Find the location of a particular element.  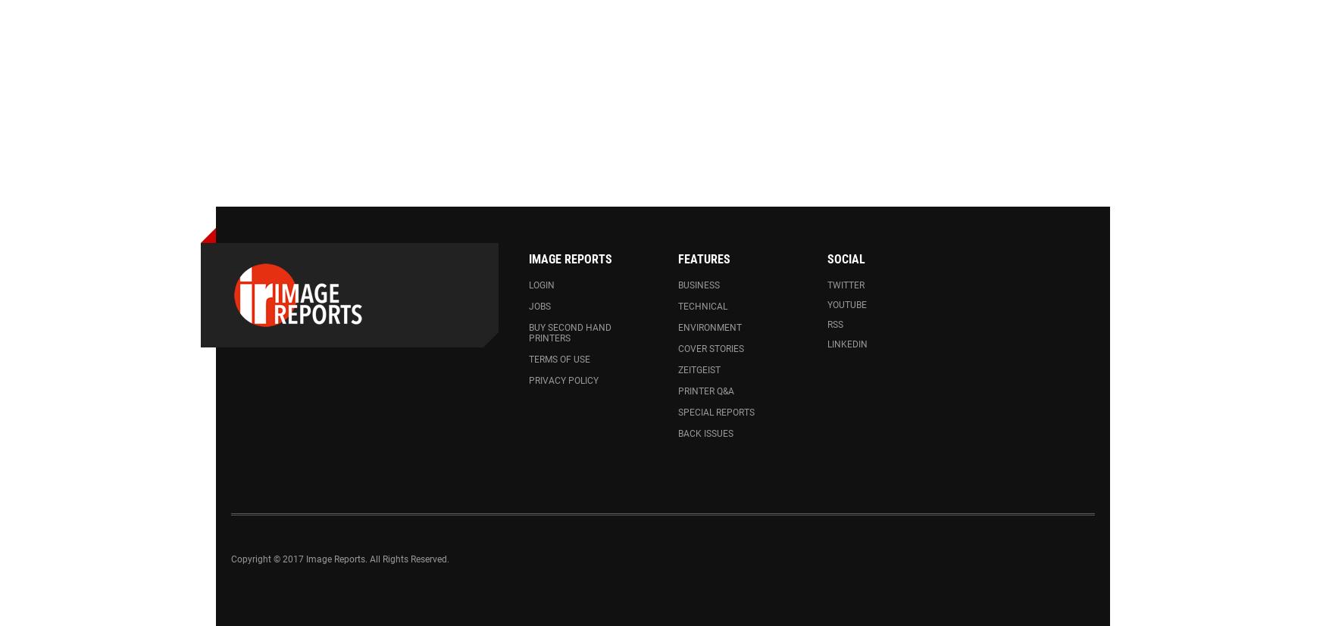

'Copyright © 2017 Image Reports. All Rights Reserved.' is located at coordinates (340, 559).